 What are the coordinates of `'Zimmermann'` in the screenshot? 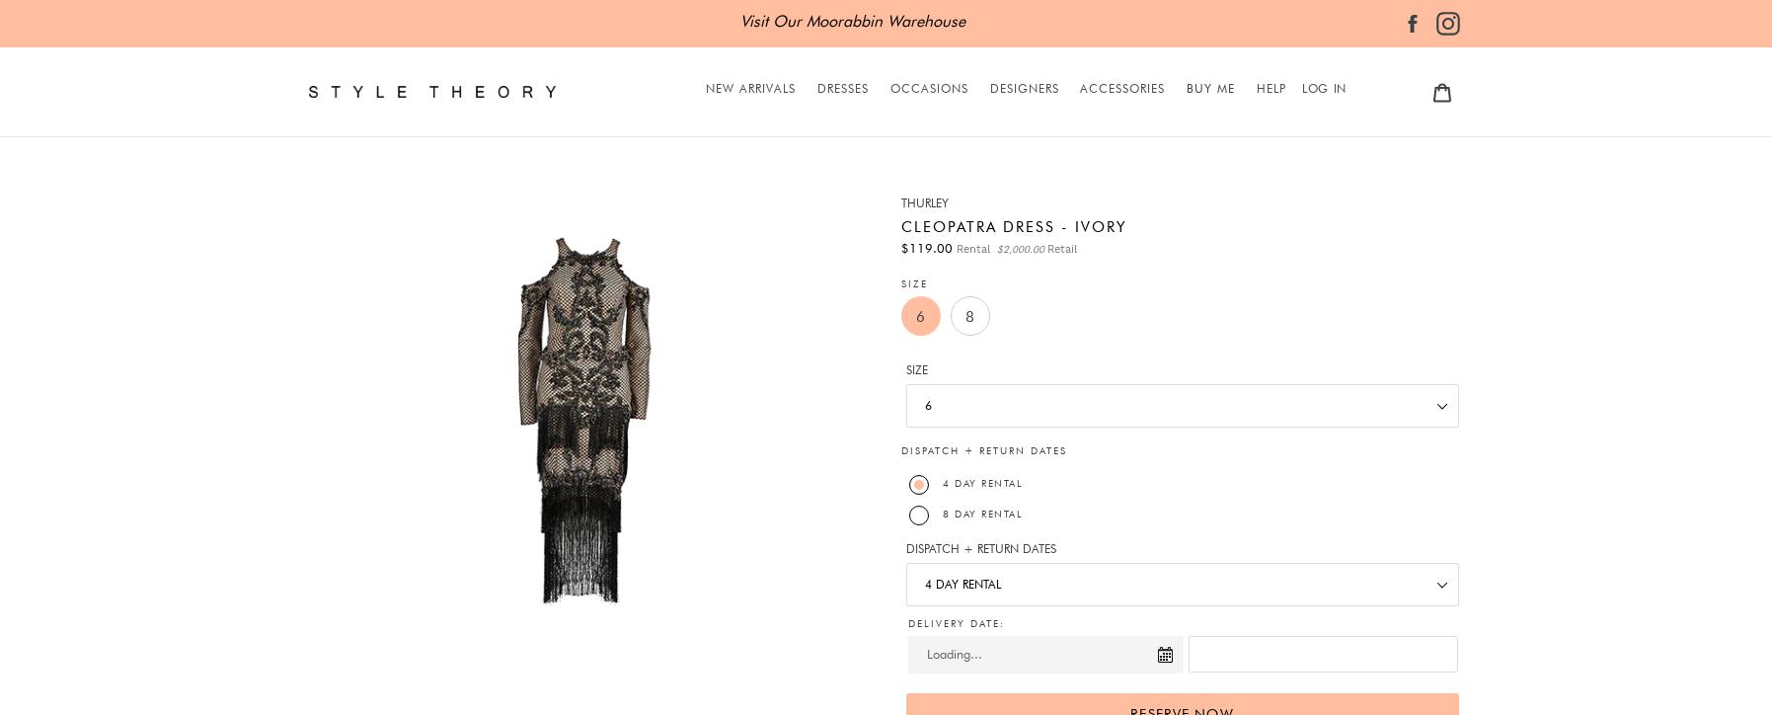 It's located at (988, 170).